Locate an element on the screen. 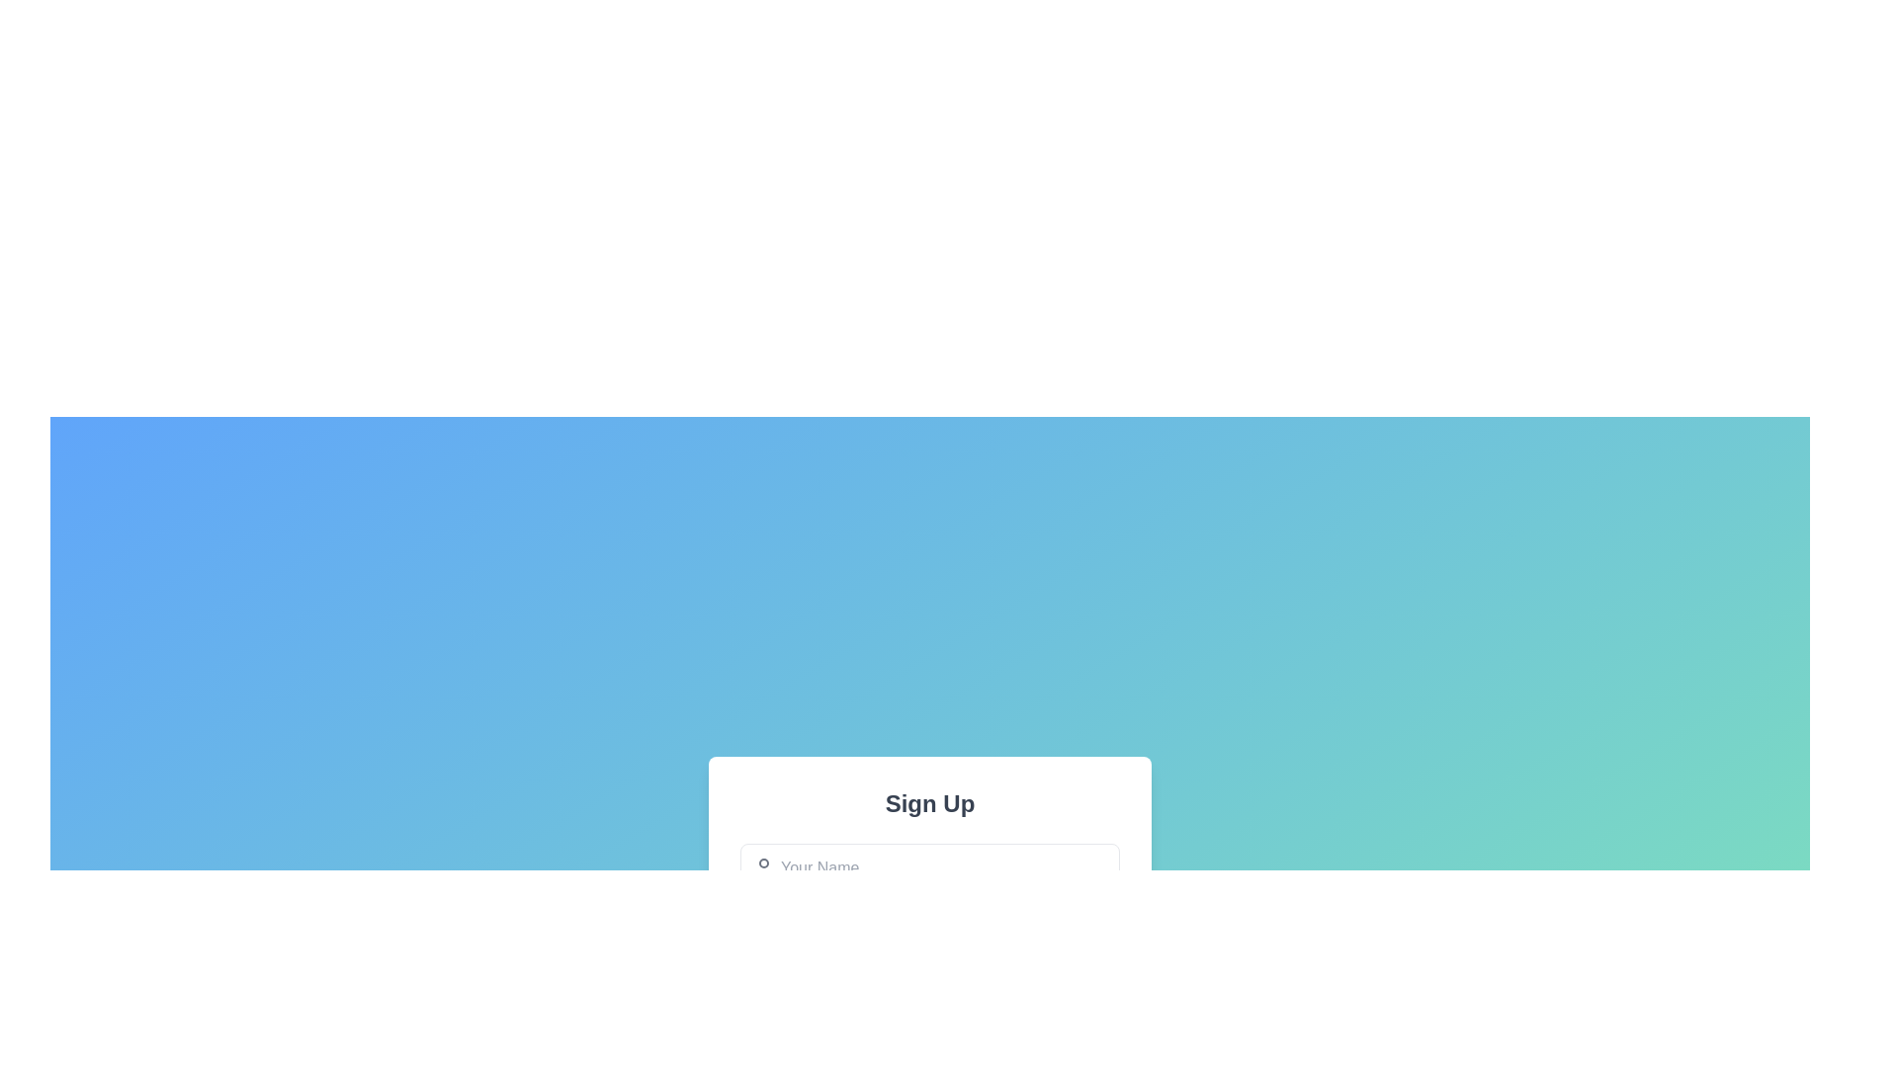 The height and width of the screenshot is (1067, 1898). the decorative icon associated with the user profile input field, which is positioned to the far left of the 'Your Name' text box is located at coordinates (762, 867).